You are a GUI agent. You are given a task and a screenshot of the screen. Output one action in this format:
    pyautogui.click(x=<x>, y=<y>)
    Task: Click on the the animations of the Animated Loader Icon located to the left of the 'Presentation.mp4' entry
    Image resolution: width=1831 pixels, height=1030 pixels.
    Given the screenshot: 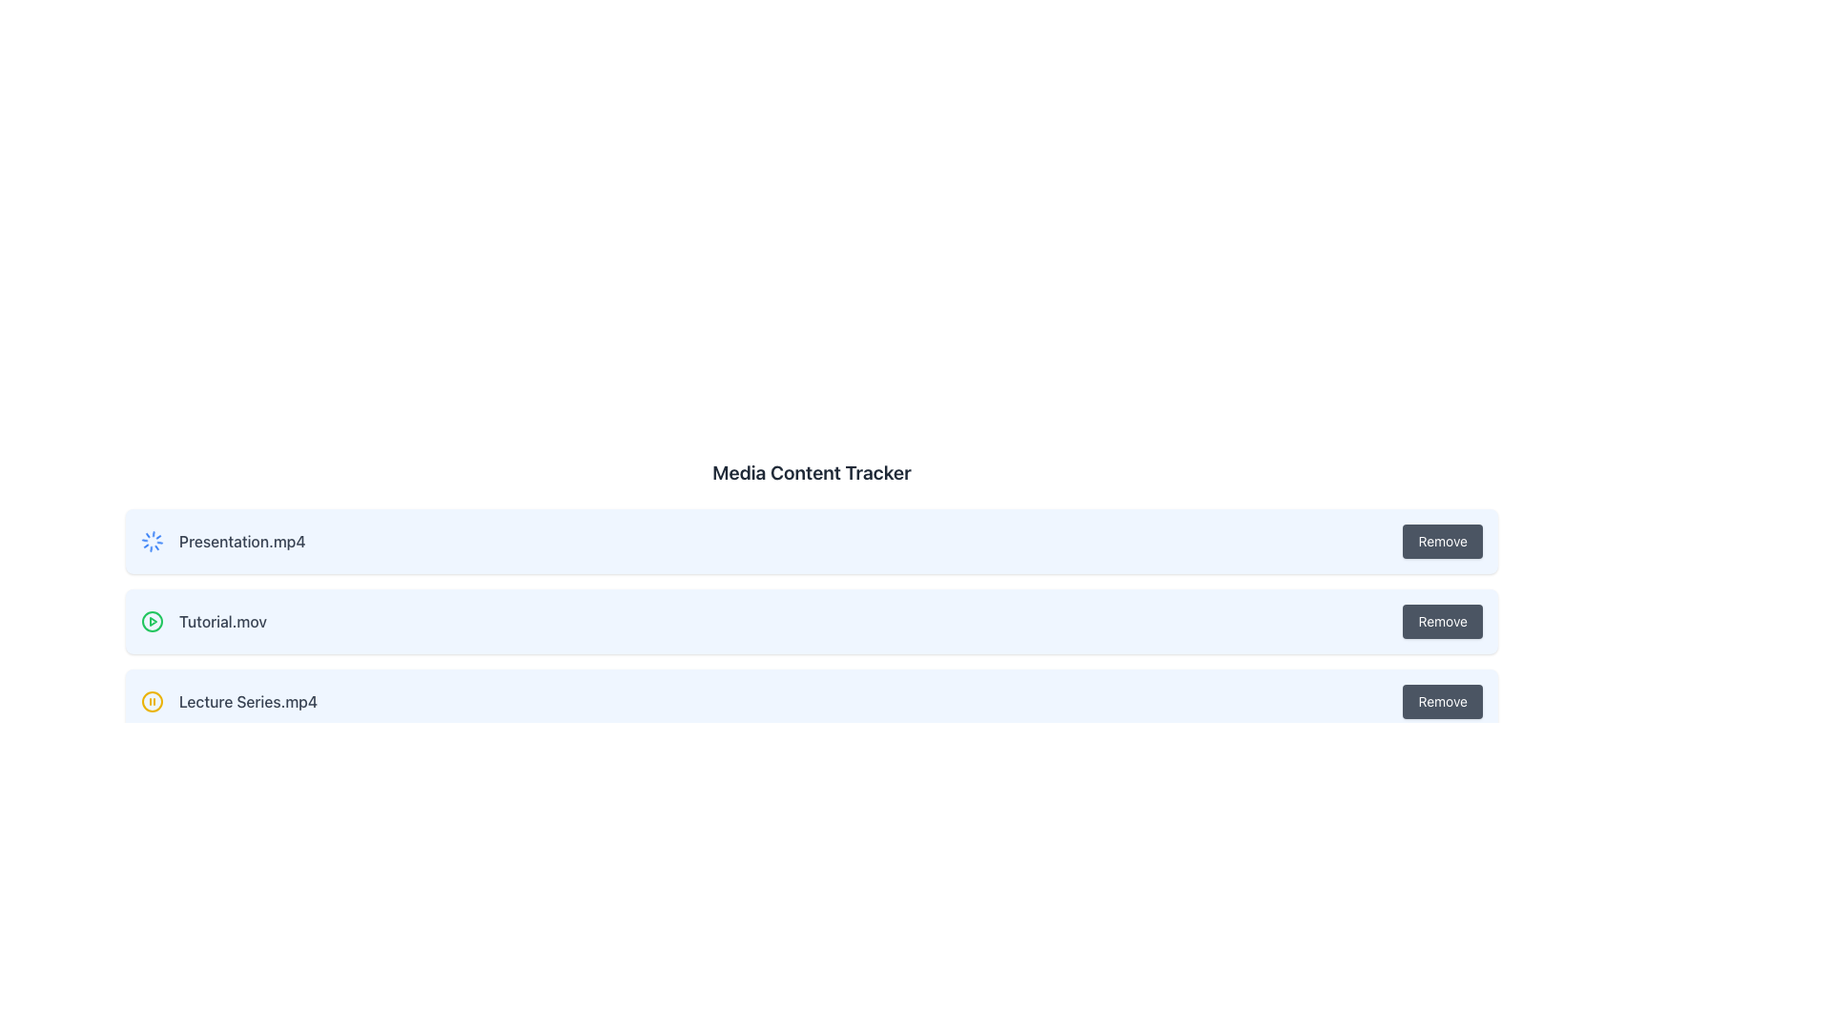 What is the action you would take?
    pyautogui.click(x=151, y=541)
    